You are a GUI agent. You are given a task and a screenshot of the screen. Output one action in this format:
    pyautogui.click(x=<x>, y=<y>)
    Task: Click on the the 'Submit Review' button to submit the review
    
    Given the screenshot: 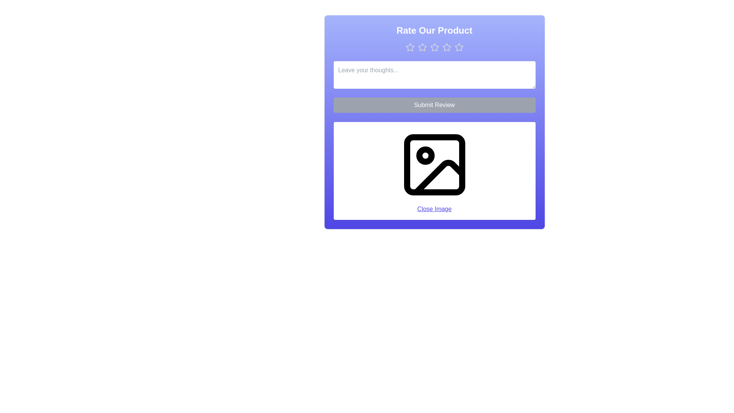 What is the action you would take?
    pyautogui.click(x=434, y=105)
    